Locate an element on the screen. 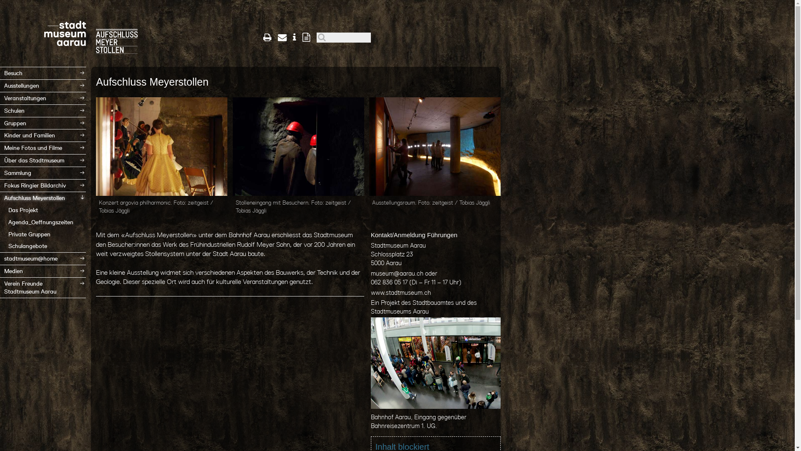  'Seite in druckbarer Form anzeigen' is located at coordinates (262, 37).